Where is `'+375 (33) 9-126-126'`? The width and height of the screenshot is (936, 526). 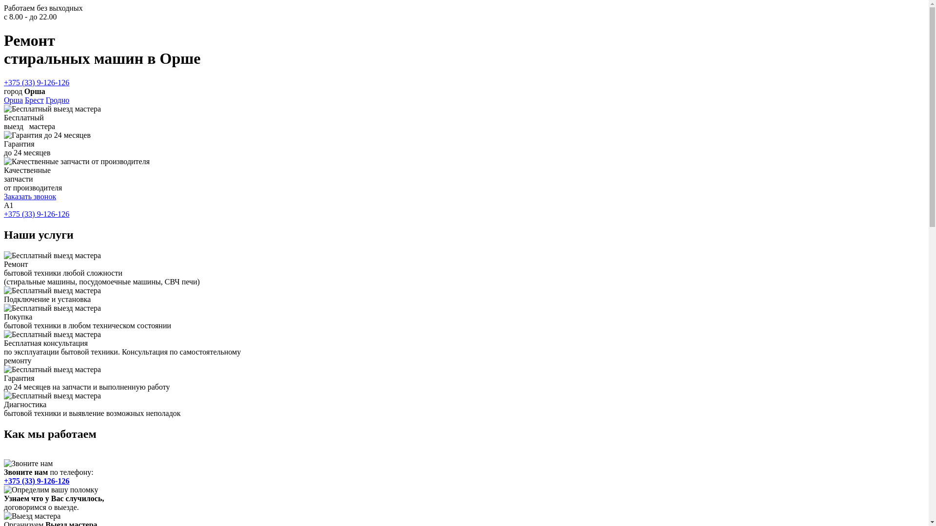 '+375 (33) 9-126-126' is located at coordinates (4, 480).